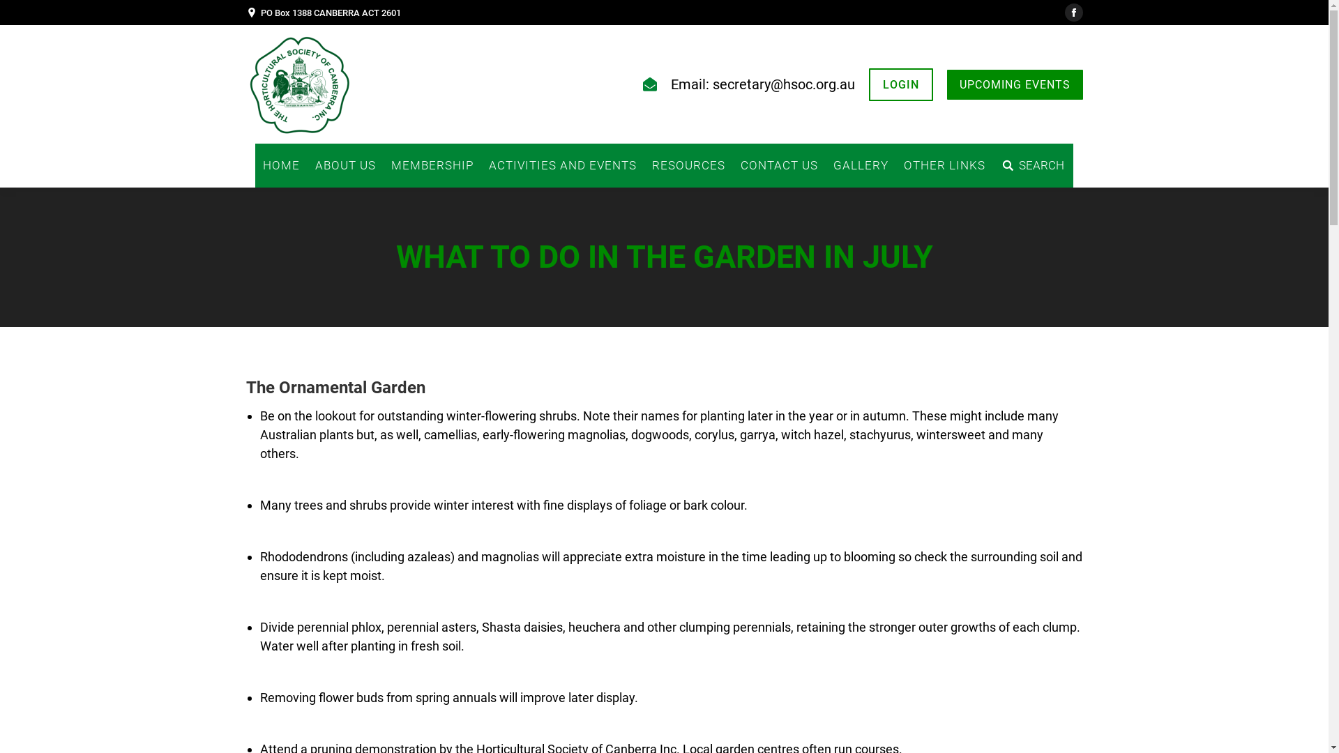 The image size is (1339, 753). What do you see at coordinates (944, 165) in the screenshot?
I see `'OTHER LINKS'` at bounding box center [944, 165].